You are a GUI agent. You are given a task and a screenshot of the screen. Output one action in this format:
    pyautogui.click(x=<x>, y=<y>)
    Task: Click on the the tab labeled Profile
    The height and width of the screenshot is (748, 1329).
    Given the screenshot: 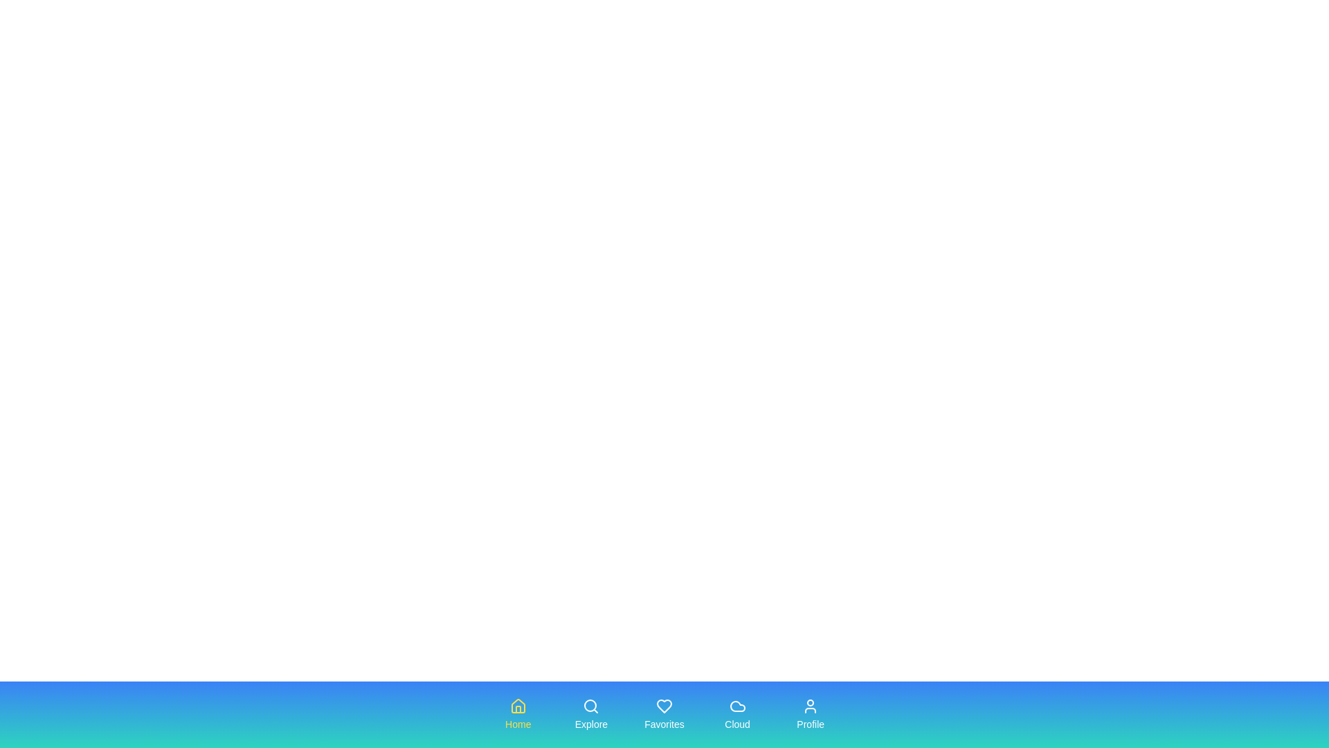 What is the action you would take?
    pyautogui.click(x=811, y=715)
    